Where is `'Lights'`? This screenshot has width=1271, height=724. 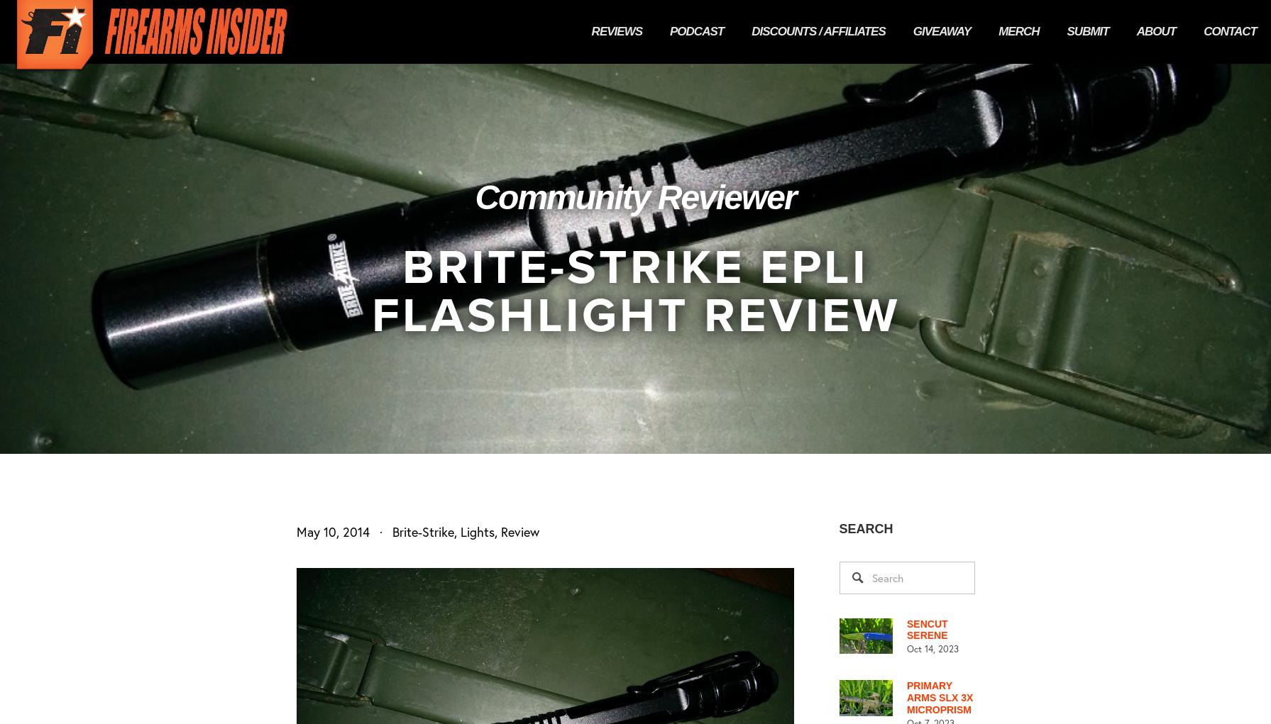 'Lights' is located at coordinates (476, 531).